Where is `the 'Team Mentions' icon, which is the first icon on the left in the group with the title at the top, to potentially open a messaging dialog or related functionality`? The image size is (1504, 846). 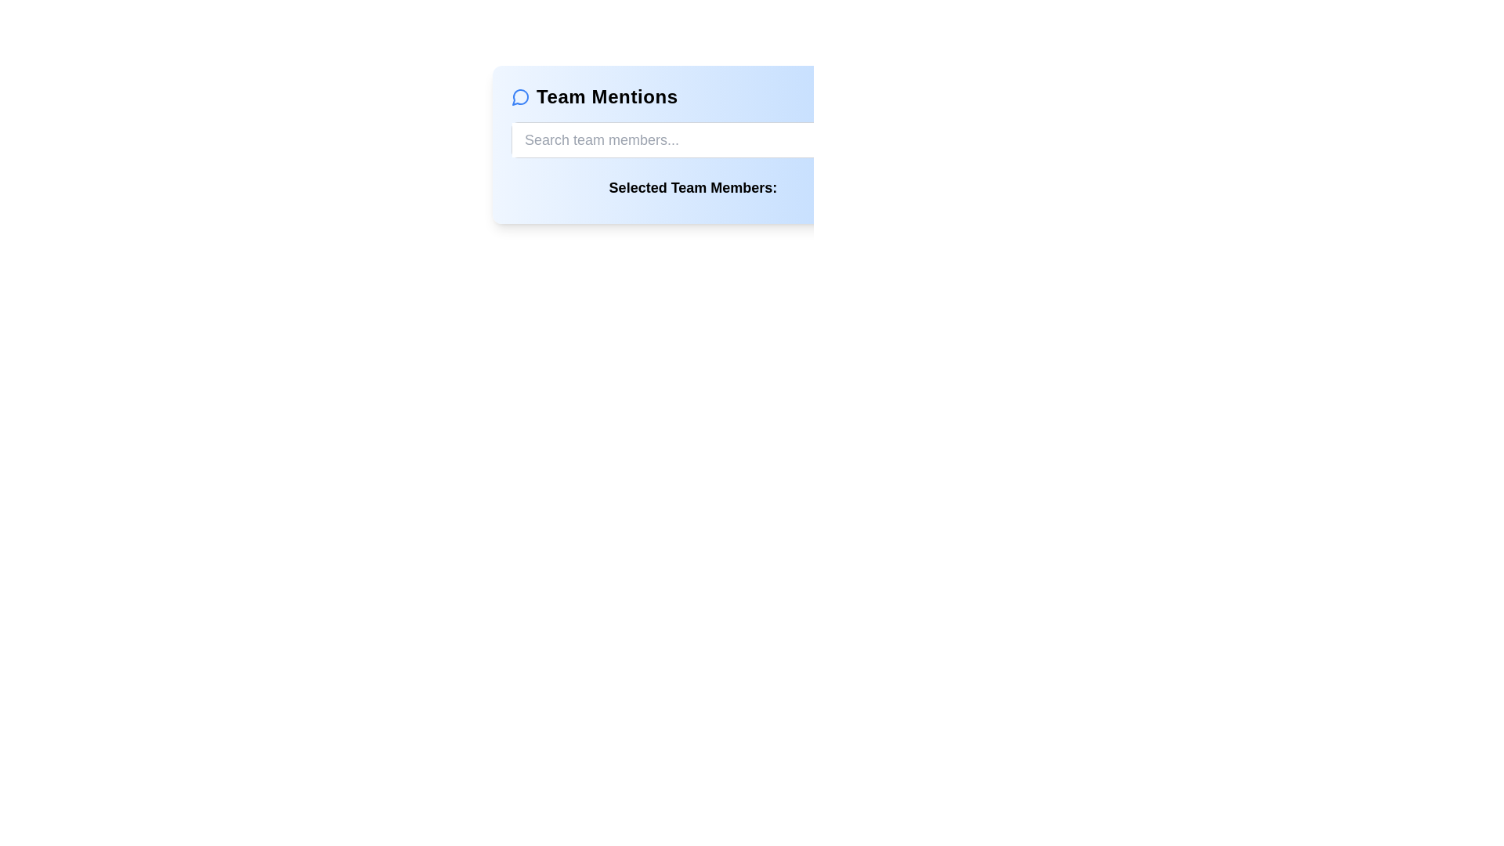 the 'Team Mentions' icon, which is the first icon on the left in the group with the title at the top, to potentially open a messaging dialog or related functionality is located at coordinates (521, 96).